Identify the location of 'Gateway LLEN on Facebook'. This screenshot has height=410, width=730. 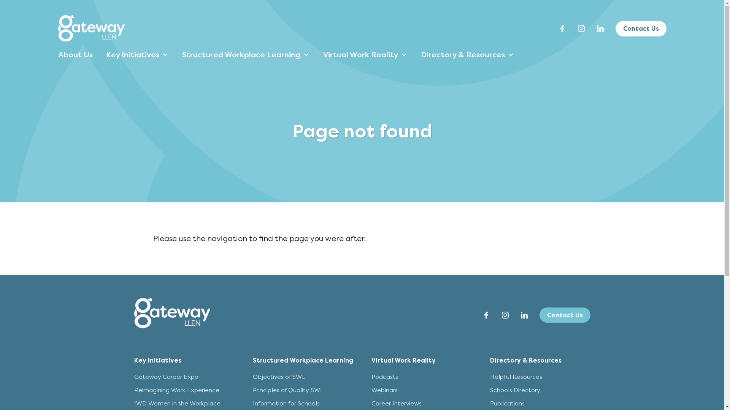
(562, 28).